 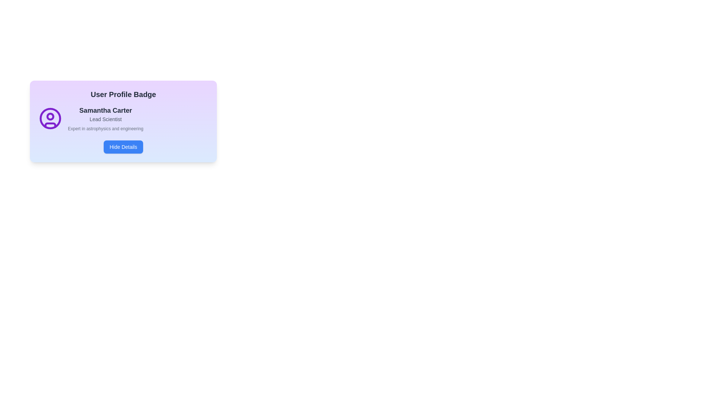 What do you see at coordinates (105, 111) in the screenshot?
I see `the text label 'Samantha Carter', which is styled prominently in bold, large-sized font and gray color, located directly under a circular user profile icon in the profile information section` at bounding box center [105, 111].